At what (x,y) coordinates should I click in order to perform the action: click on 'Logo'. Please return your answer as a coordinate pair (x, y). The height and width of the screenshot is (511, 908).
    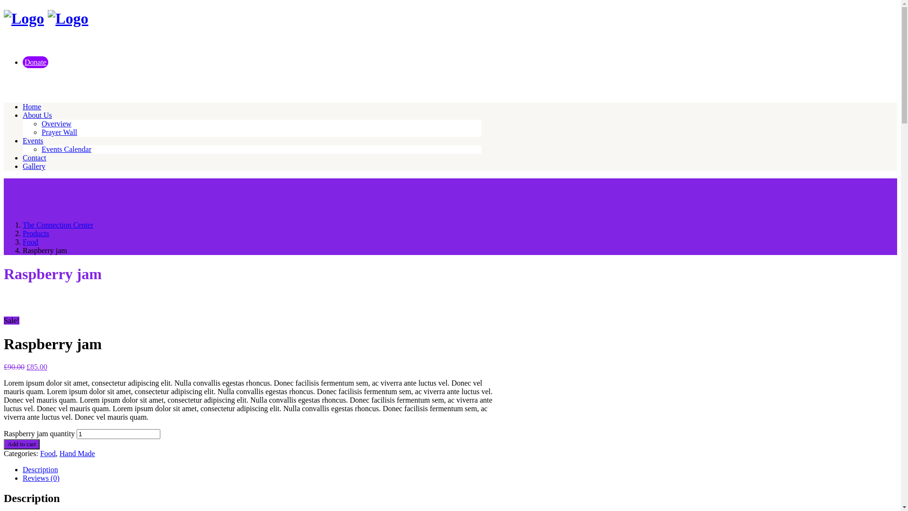
    Looking at the image, I should click on (67, 18).